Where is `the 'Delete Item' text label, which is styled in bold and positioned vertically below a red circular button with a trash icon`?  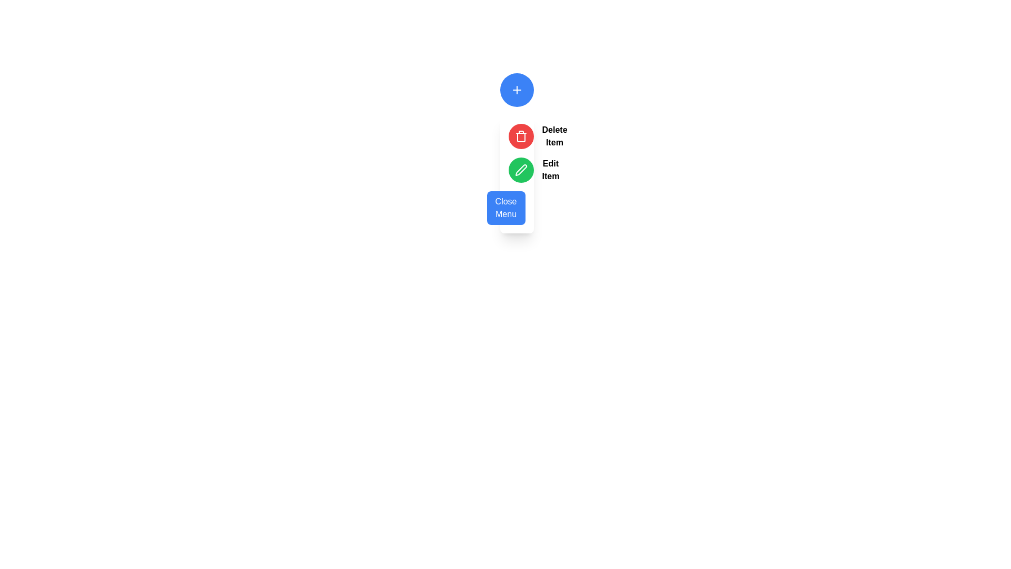
the 'Delete Item' text label, which is styled in bold and positioned vertically below a red circular button with a trash icon is located at coordinates (554, 135).